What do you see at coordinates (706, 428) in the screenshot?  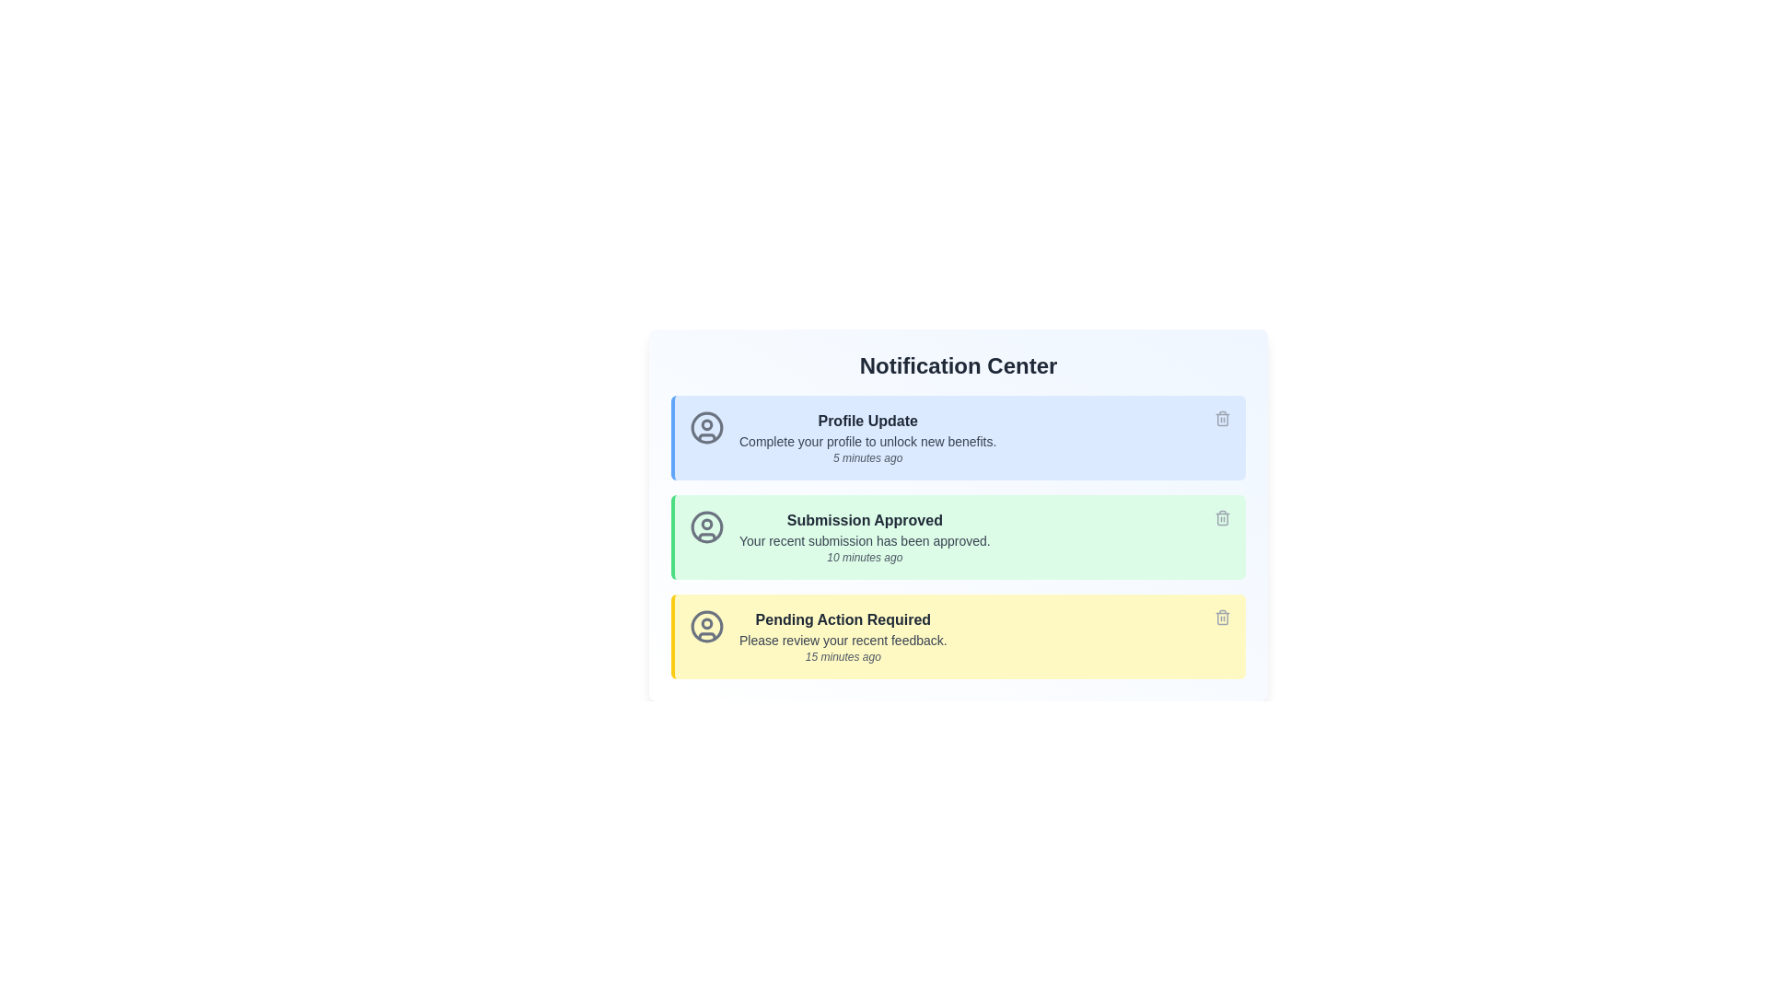 I see `the circular graphical icon resembling a profile or user icon located in the first notification card under the 'Notification Center', adjacent to the title 'Profile Update'` at bounding box center [706, 428].